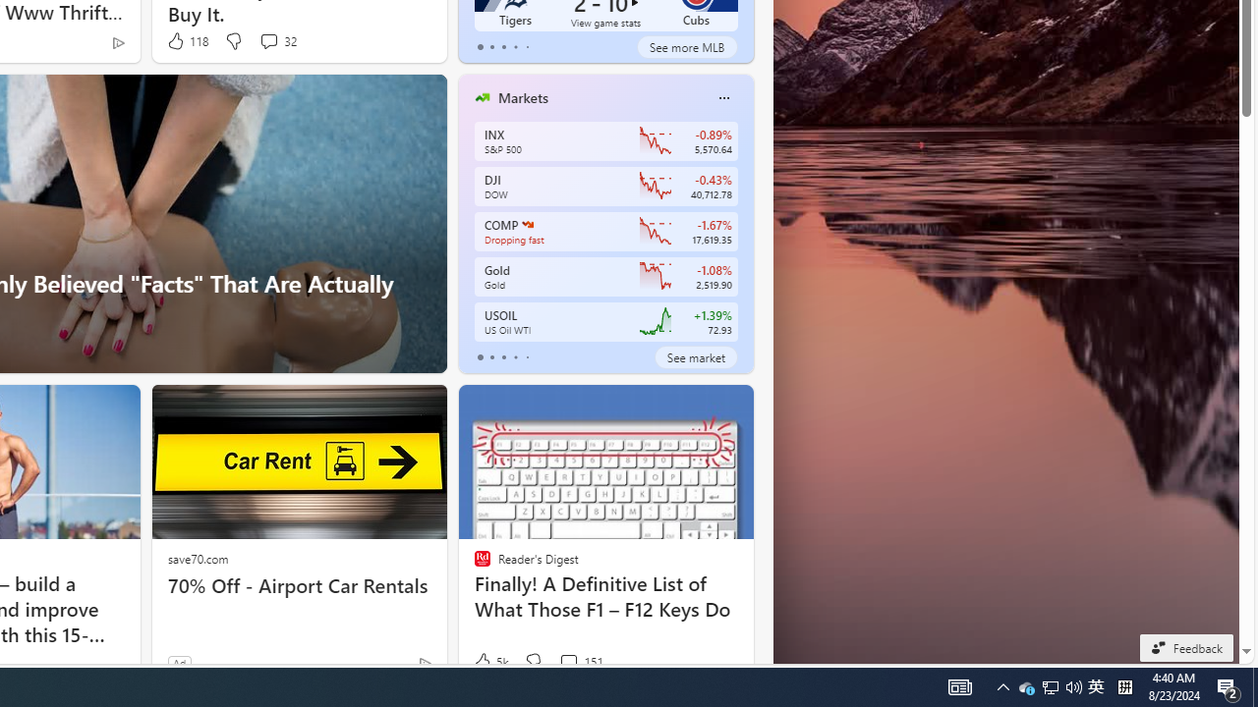 Image resolution: width=1258 pixels, height=707 pixels. I want to click on 'View comments 151 Comment', so click(567, 661).